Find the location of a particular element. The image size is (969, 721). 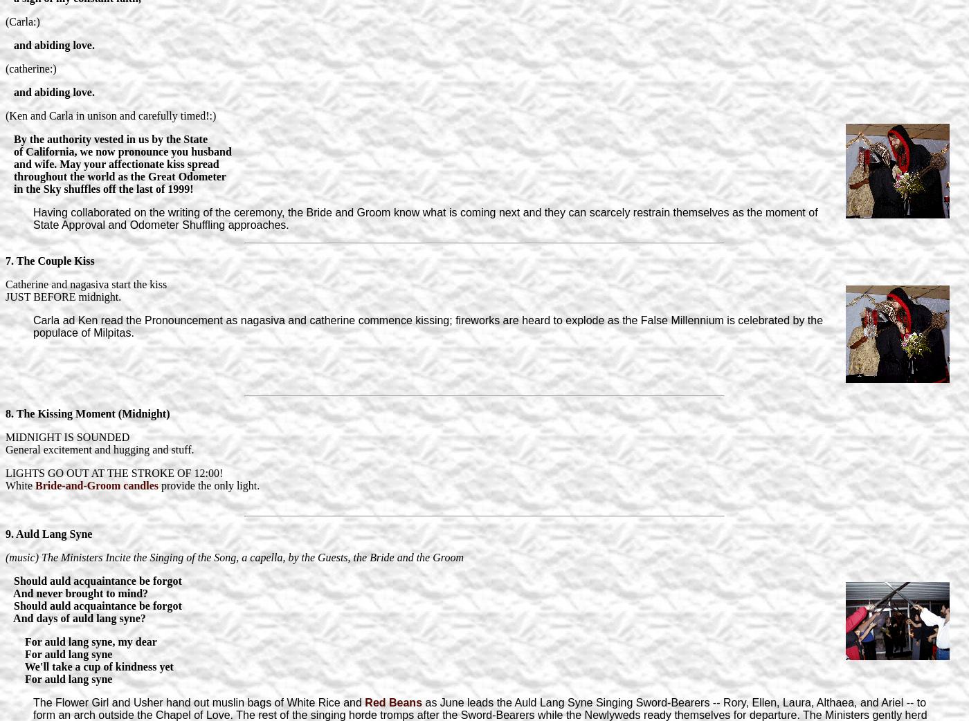

'Carla ad Ken read the Pronouncement as nagasiva and
catherine commence kissing; fireworks are
heard to explode as the False Millennium is celebrated by the populace
of Milpitas.' is located at coordinates (428, 325).